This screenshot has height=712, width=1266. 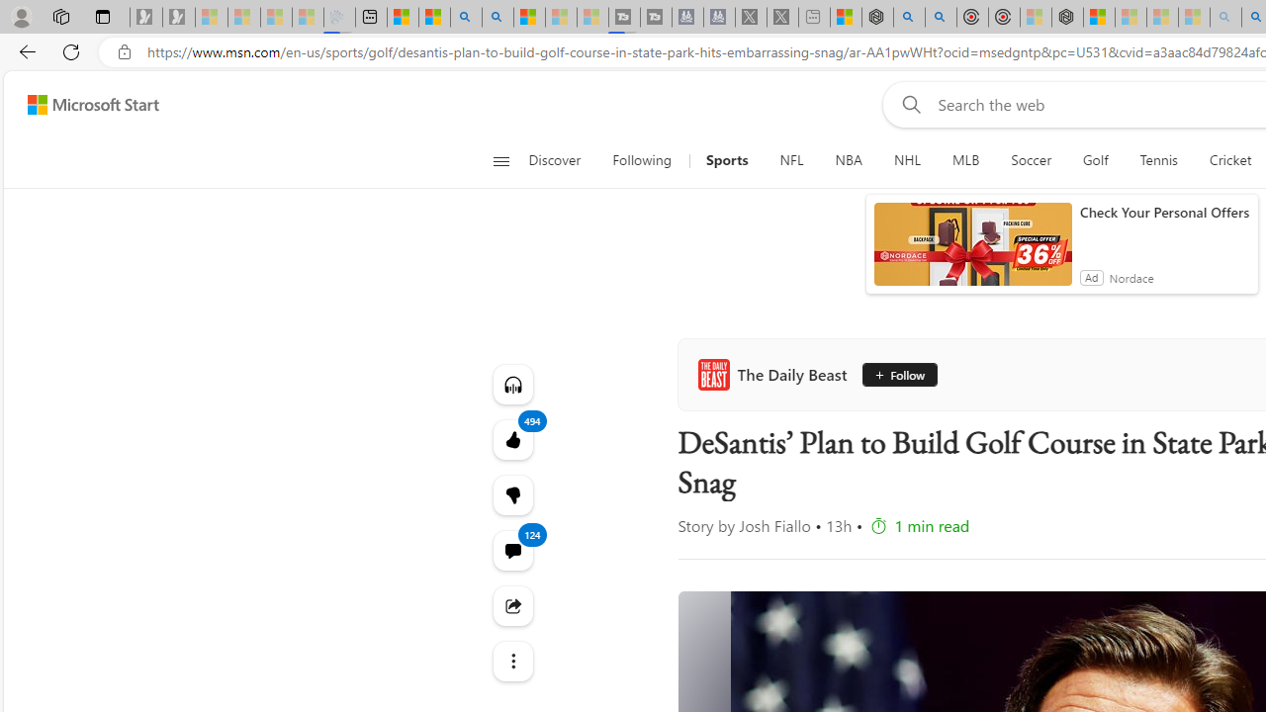 I want to click on 'Ad', so click(x=1090, y=277).